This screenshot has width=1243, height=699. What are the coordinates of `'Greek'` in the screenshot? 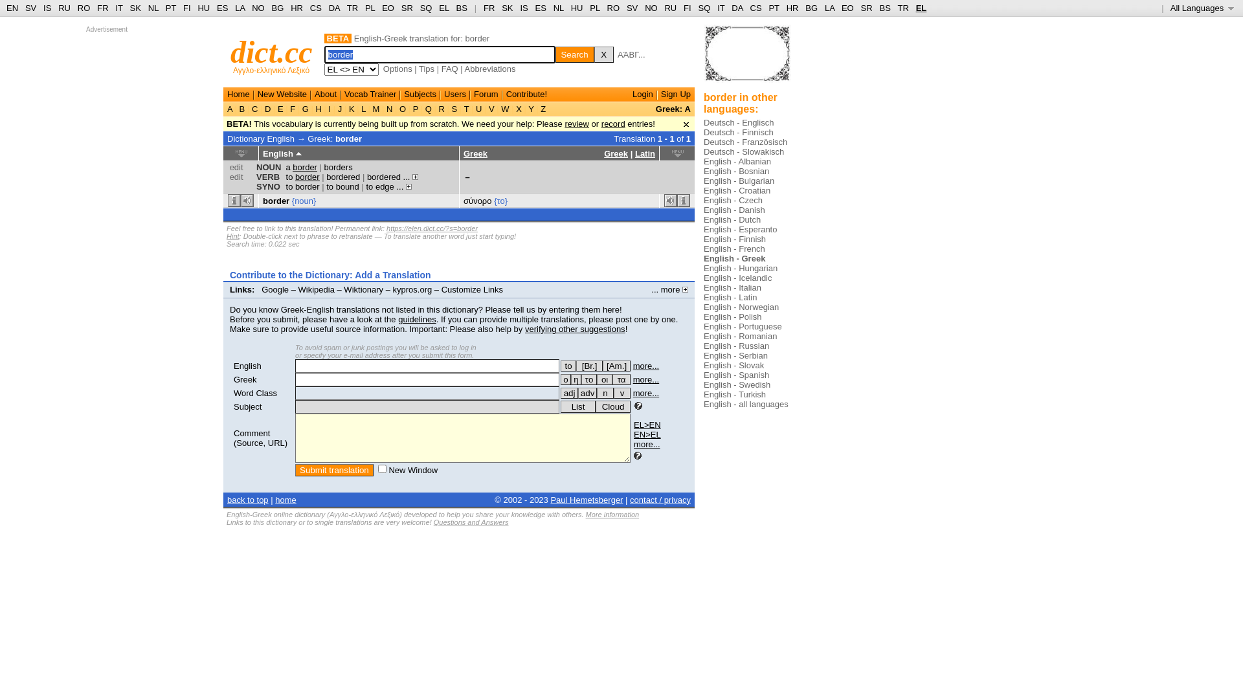 It's located at (233, 379).